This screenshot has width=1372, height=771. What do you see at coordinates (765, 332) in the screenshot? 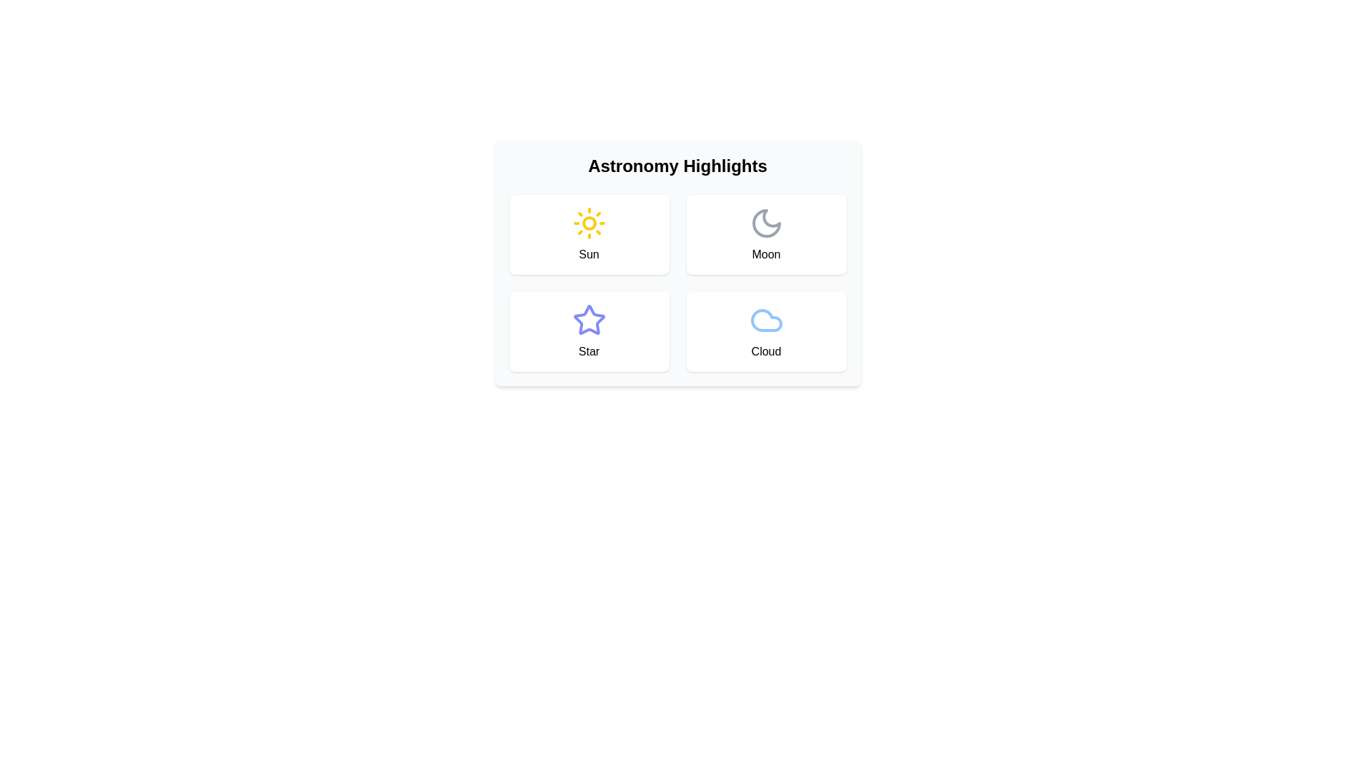
I see `the Card with an icon and a label that represents a cloud, located in the bottom-right corner of the grid layout` at bounding box center [765, 332].